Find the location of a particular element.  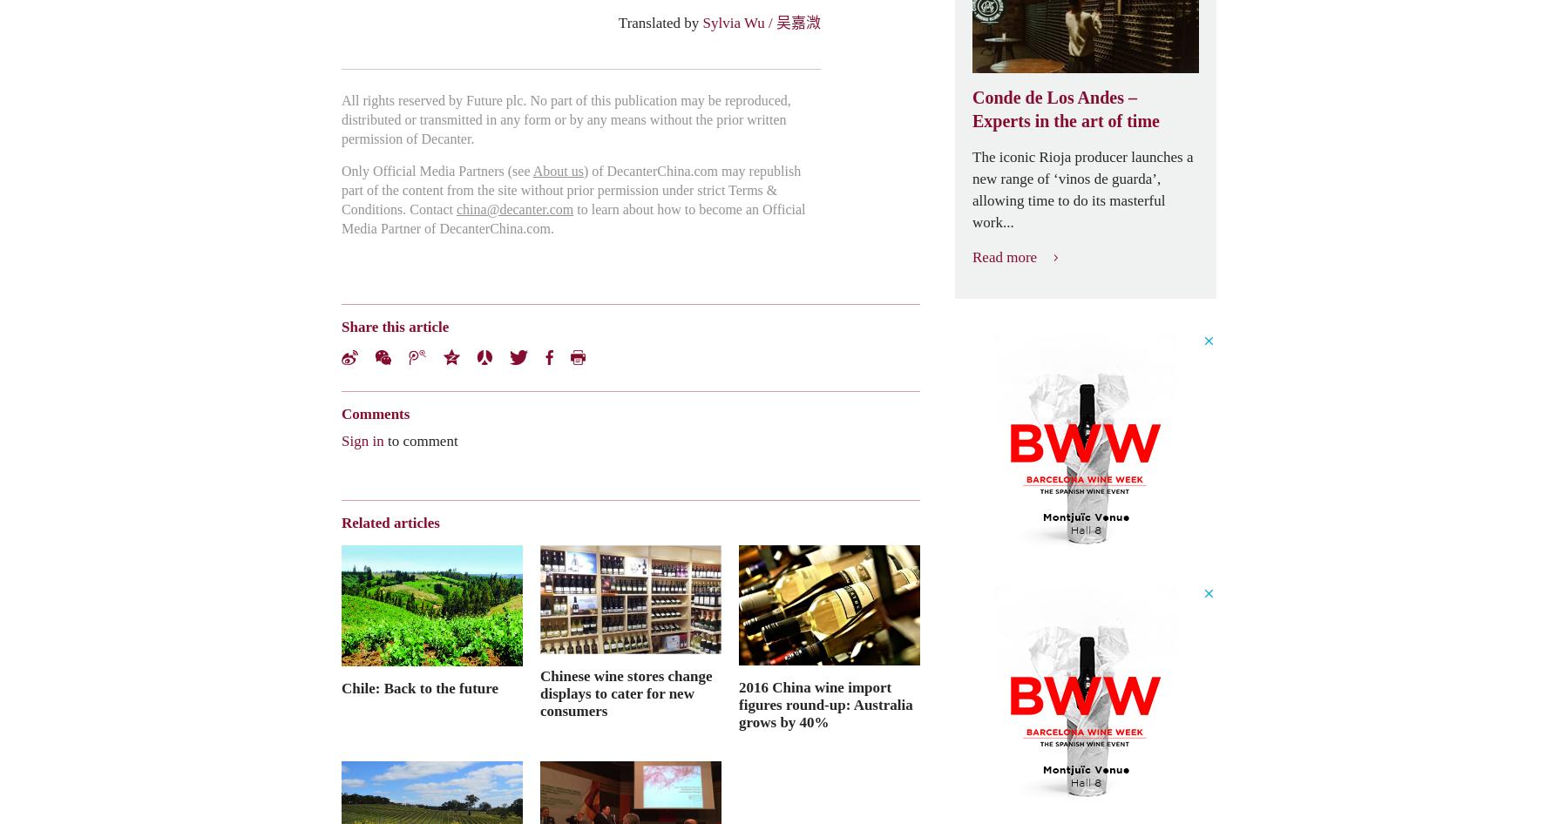

'Related articles' is located at coordinates (390, 521).